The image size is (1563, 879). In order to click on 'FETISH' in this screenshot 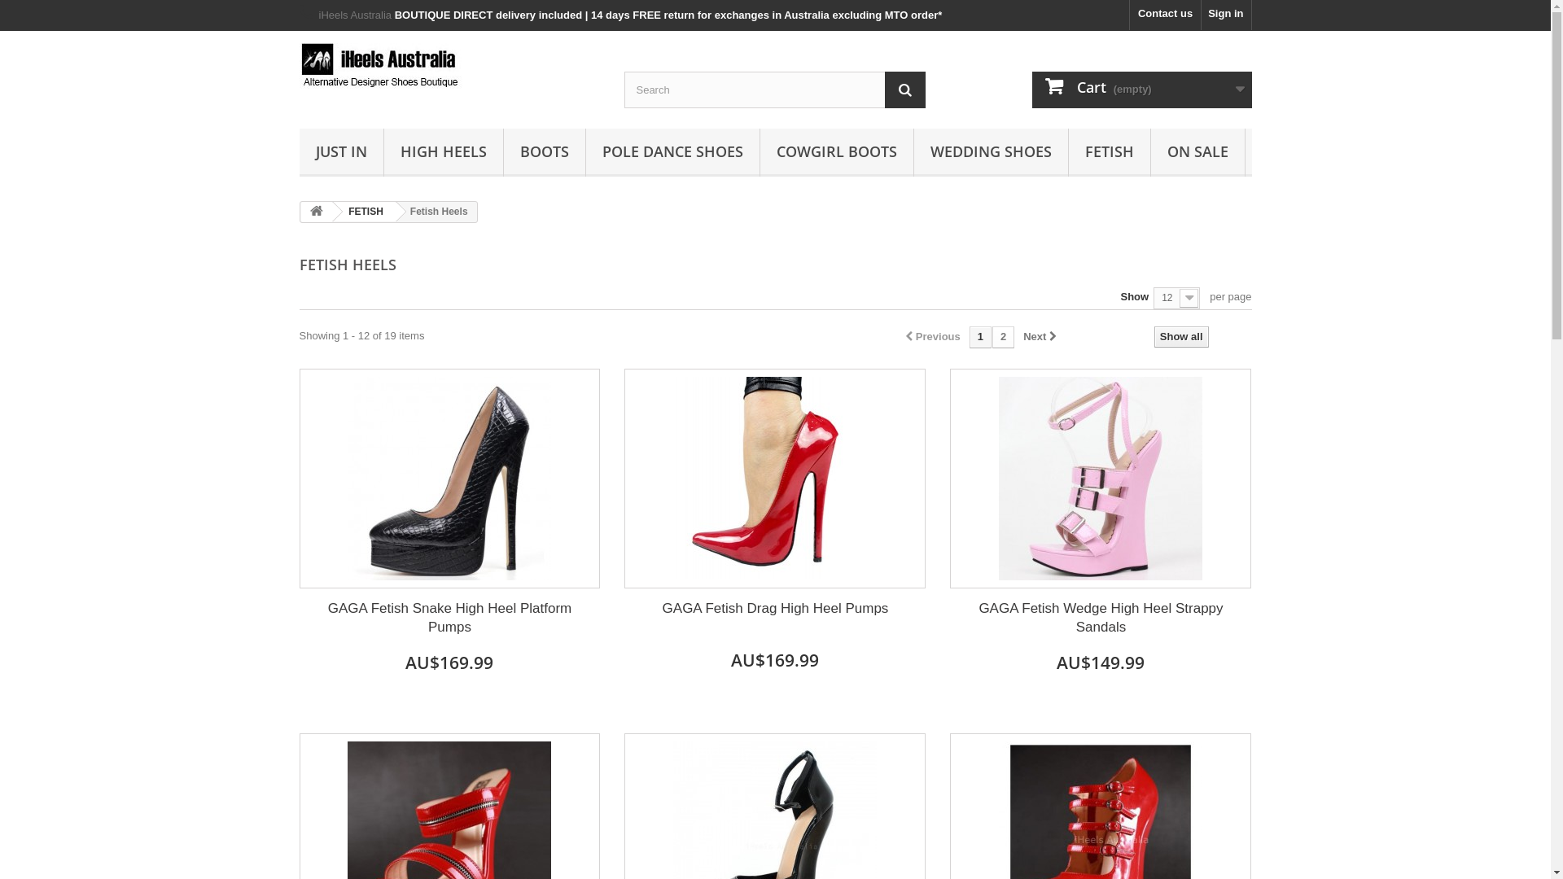, I will do `click(362, 210)`.